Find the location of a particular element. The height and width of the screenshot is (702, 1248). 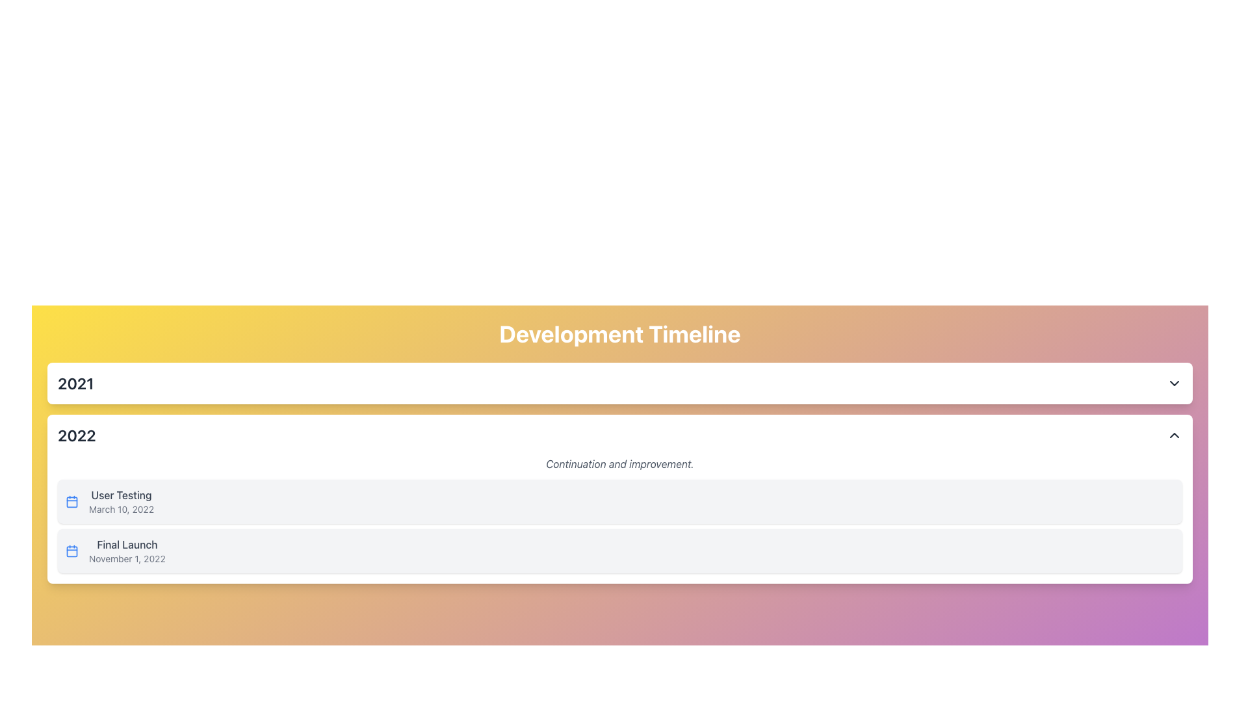

the dropdown menu trigger located below the 'Development Timeline' title, which allows users is located at coordinates (619, 383).